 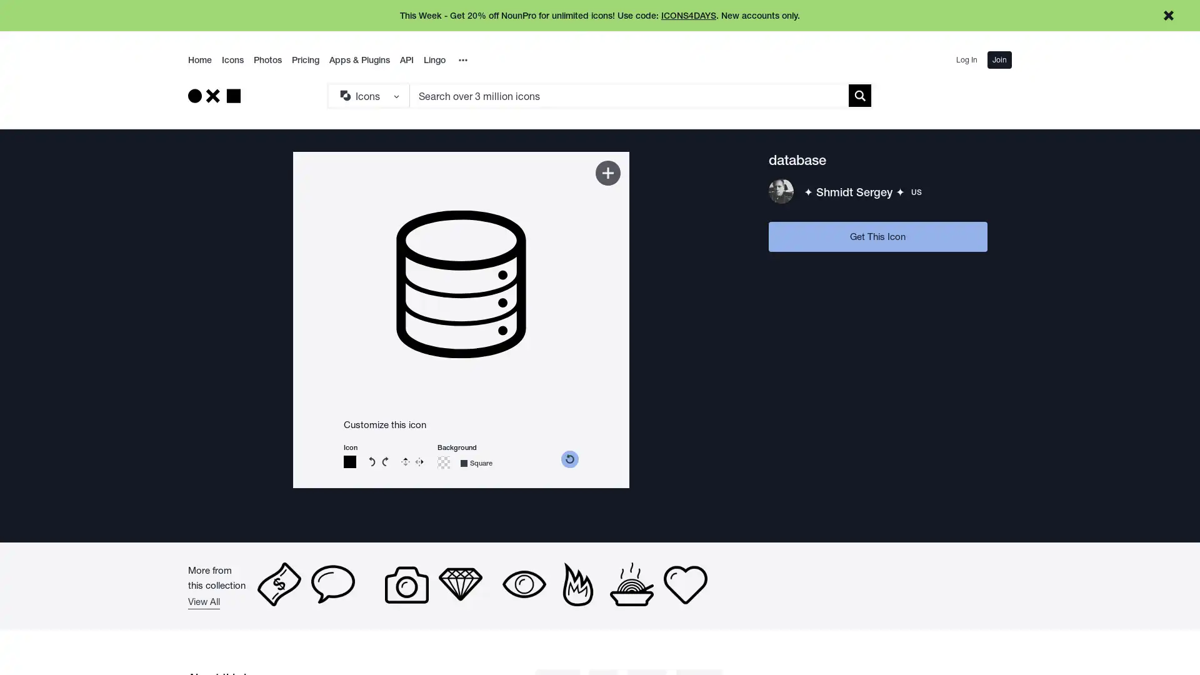 I want to click on Submit search term, so click(x=858, y=95).